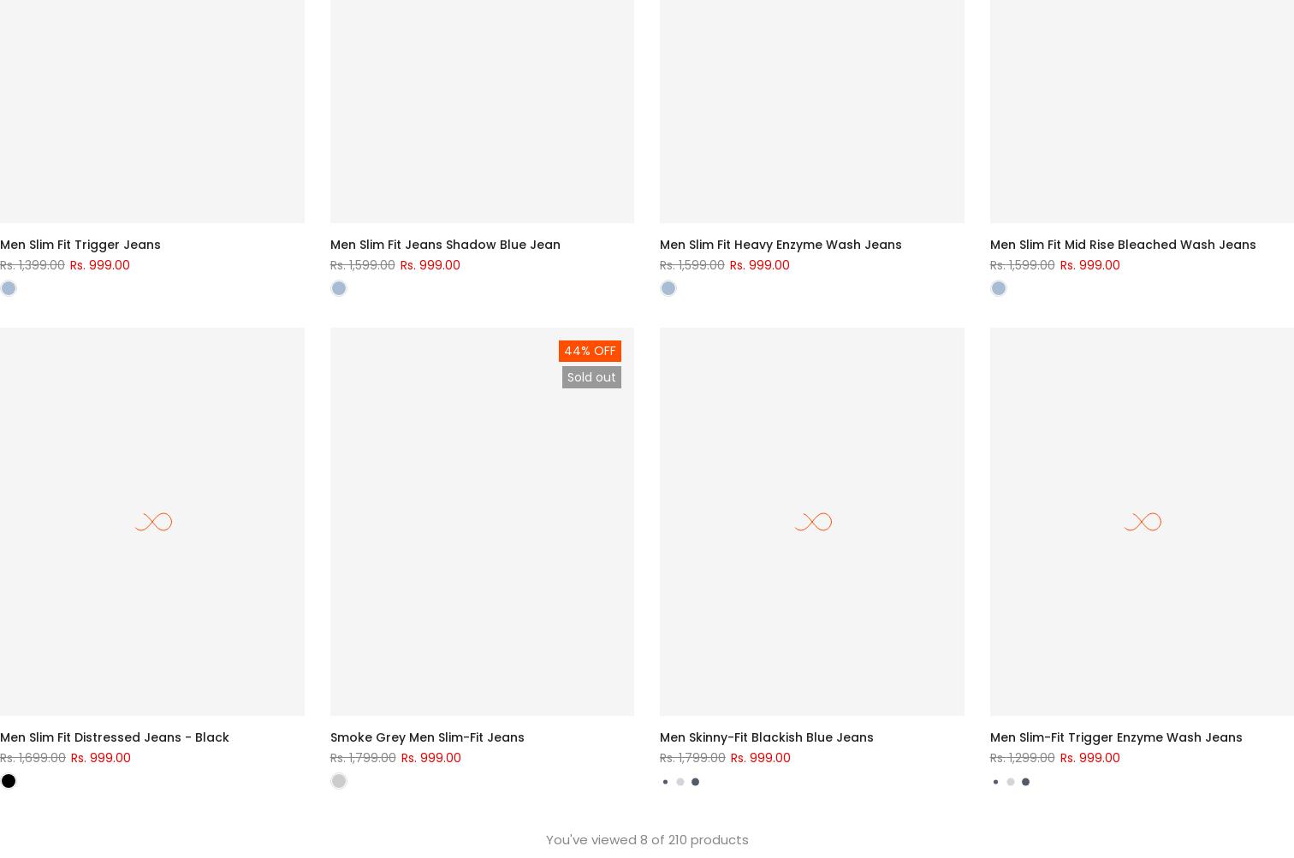 The width and height of the screenshot is (1294, 858). What do you see at coordinates (348, 760) in the screenshot?
I see `'Grey'` at bounding box center [348, 760].